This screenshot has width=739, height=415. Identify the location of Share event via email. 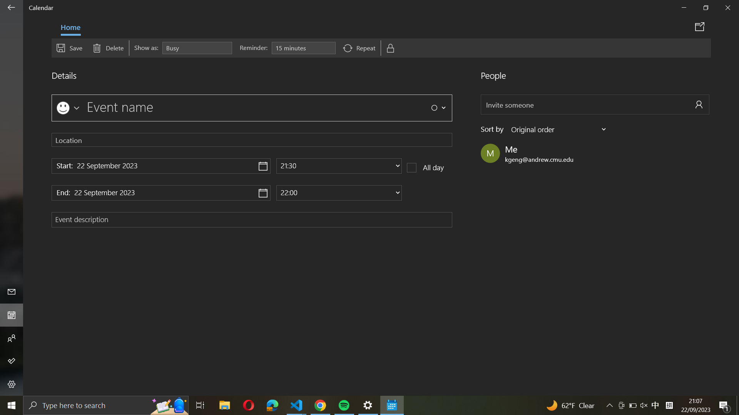
(701, 26).